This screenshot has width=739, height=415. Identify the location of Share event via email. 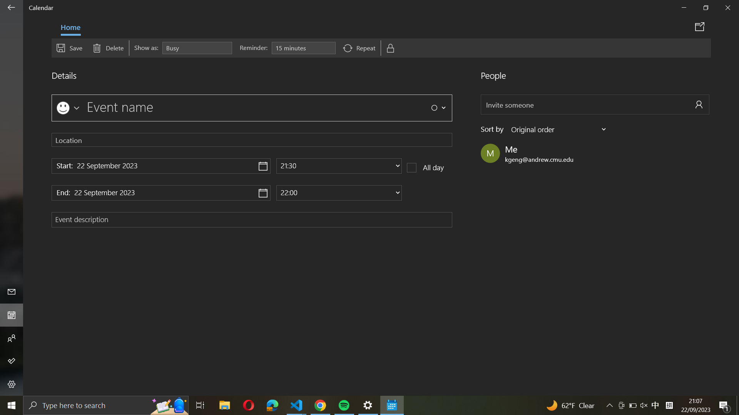
(701, 26).